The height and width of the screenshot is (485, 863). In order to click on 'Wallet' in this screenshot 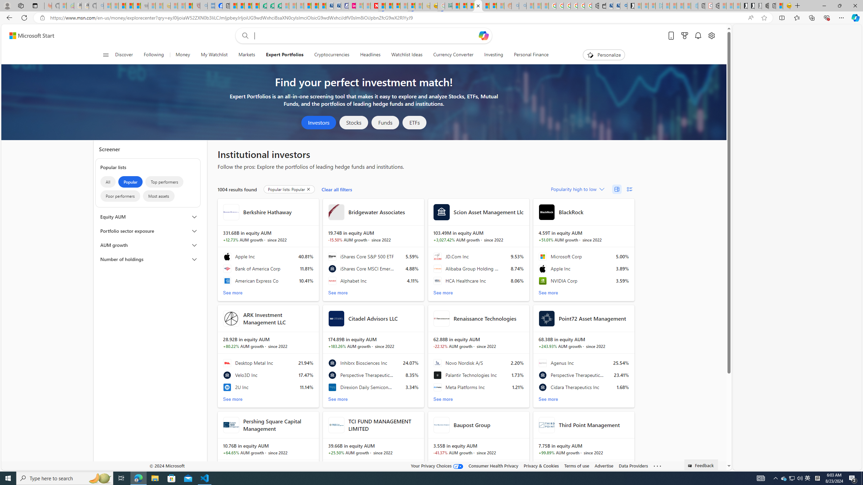, I will do `click(602, 5)`.